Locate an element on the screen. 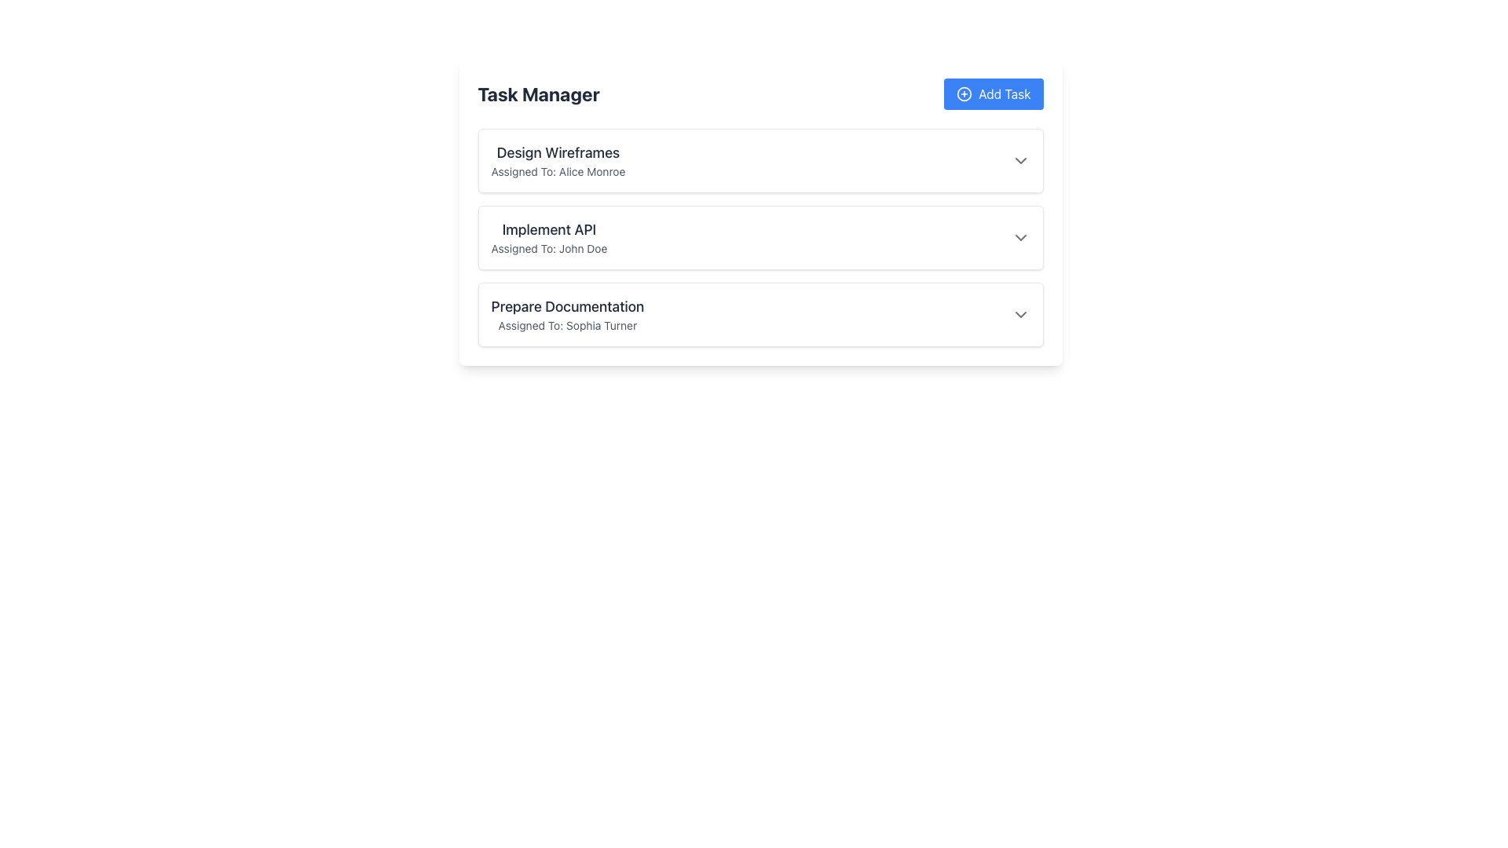 Image resolution: width=1508 pixels, height=848 pixels. the expandable list item titled 'Design Wireframes' is located at coordinates (760, 160).